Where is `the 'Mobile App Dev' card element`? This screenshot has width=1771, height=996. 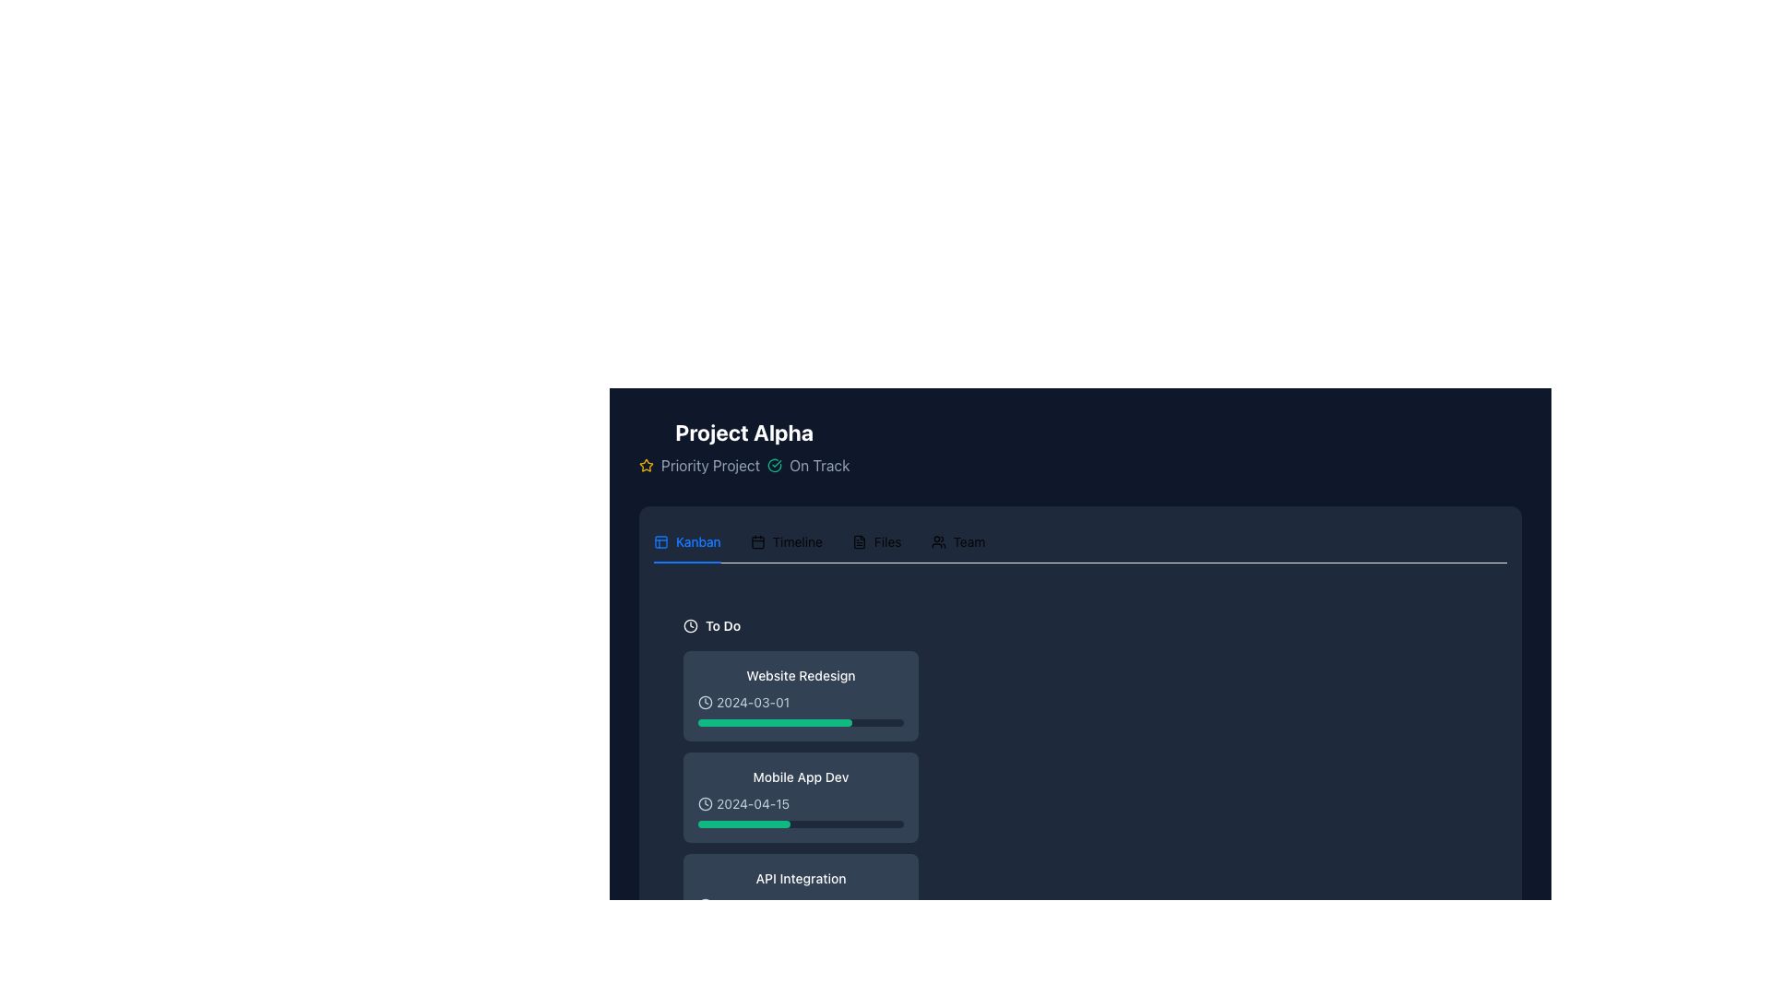 the 'Mobile App Dev' card element is located at coordinates (801, 796).